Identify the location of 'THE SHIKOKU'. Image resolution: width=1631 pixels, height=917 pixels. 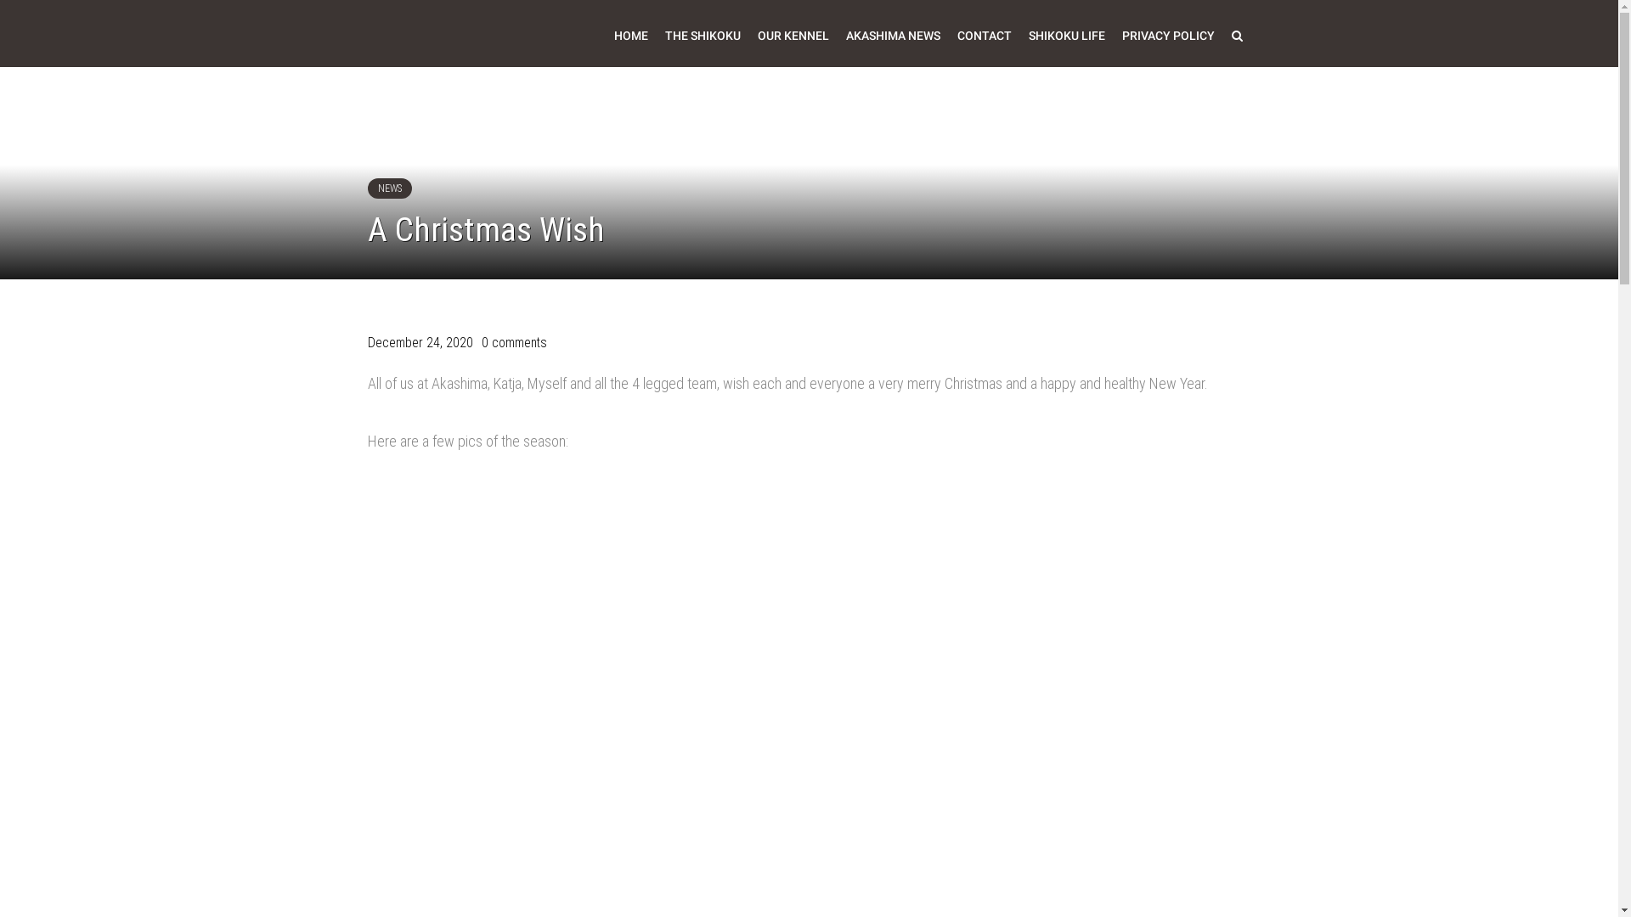
(702, 36).